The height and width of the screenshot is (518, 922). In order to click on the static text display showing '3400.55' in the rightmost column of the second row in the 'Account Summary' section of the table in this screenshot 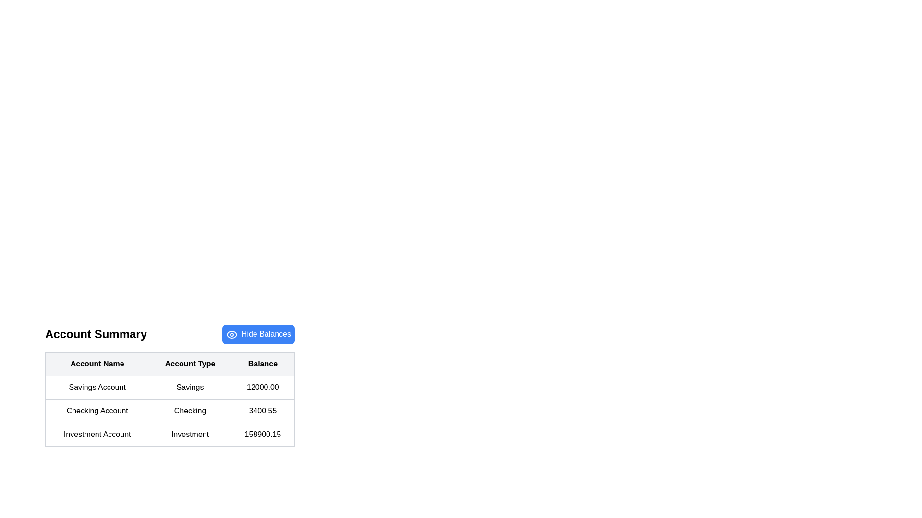, I will do `click(263, 410)`.